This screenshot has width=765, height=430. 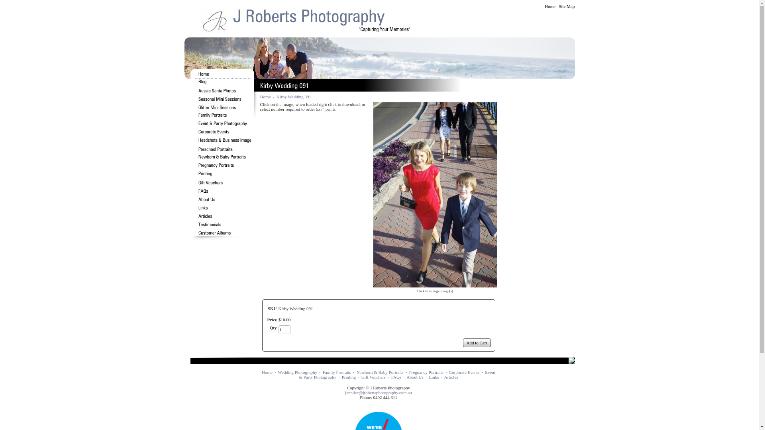 What do you see at coordinates (464, 372) in the screenshot?
I see `'Corporate Events'` at bounding box center [464, 372].